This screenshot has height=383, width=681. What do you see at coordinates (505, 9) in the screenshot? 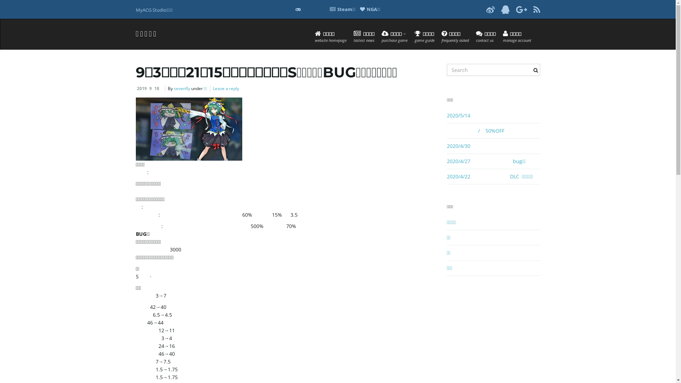
I see `'Dribble'` at bounding box center [505, 9].